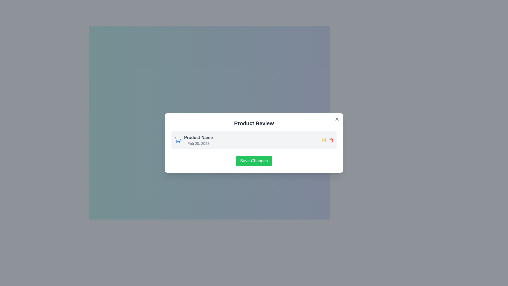 Image resolution: width=508 pixels, height=286 pixels. Describe the element at coordinates (331, 140) in the screenshot. I see `the delete icon button located in the top-right corner of the modal` at that location.